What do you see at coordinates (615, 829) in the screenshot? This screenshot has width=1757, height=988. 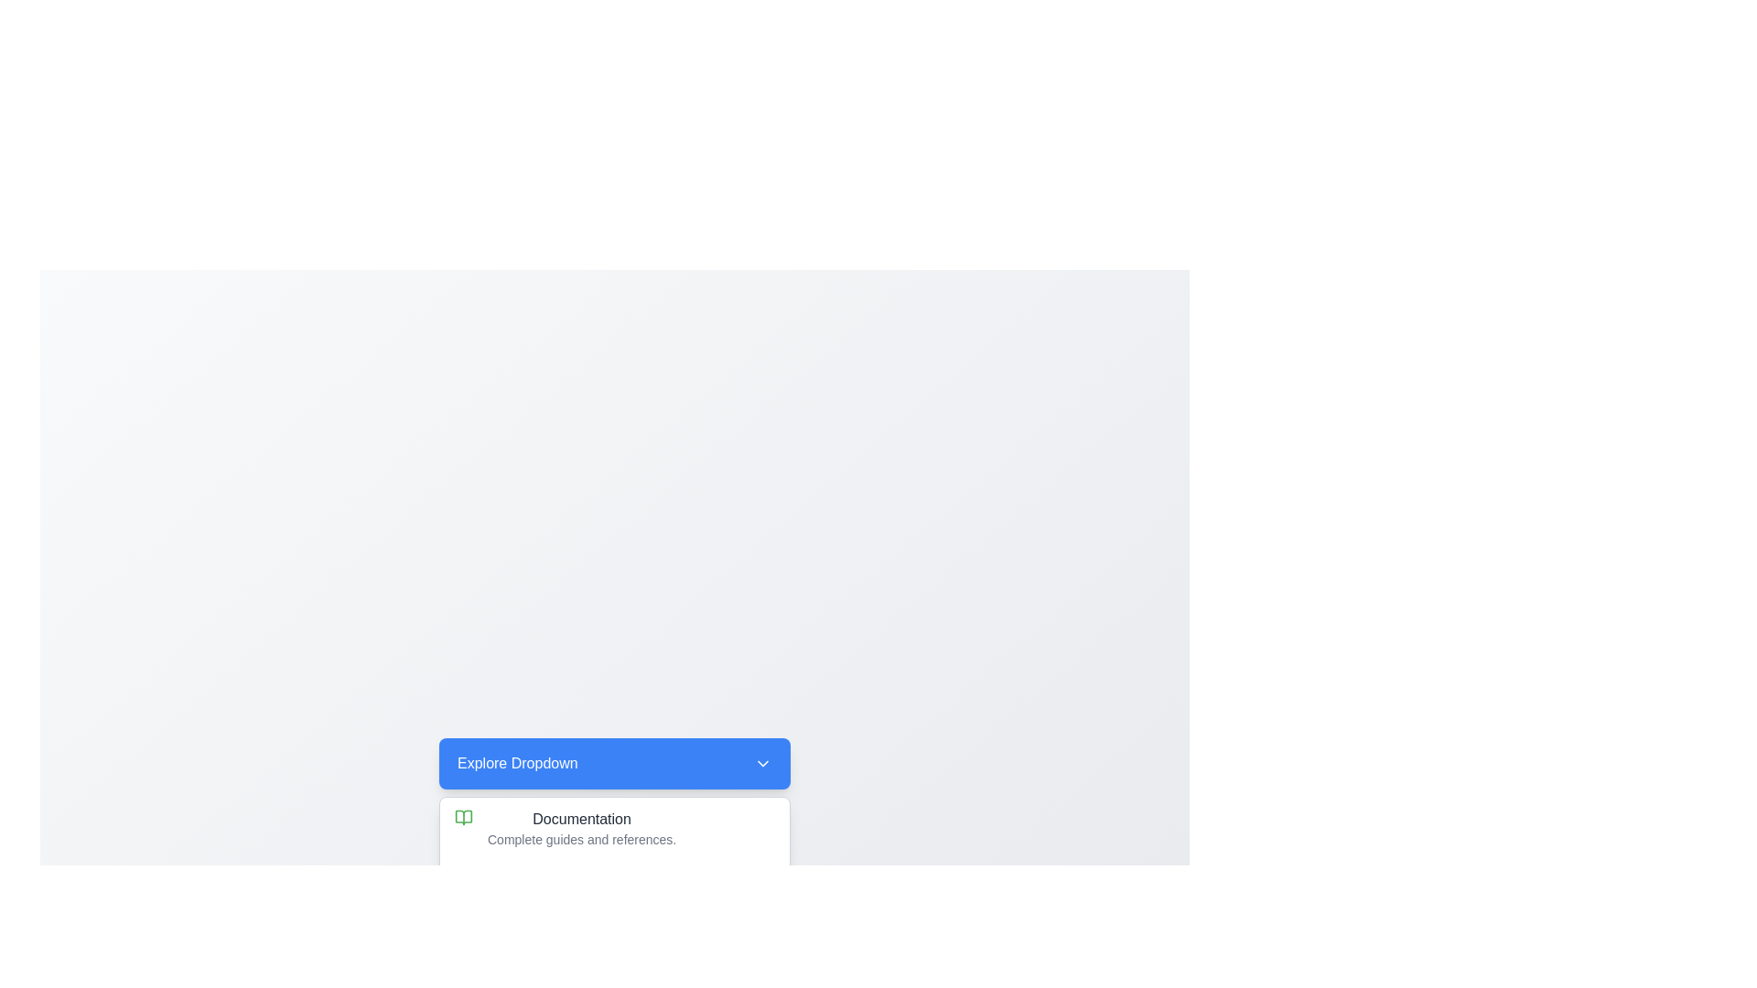 I see `the first list item labeled 'Documentation', which features a green book-like icon and two lines of text` at bounding box center [615, 829].